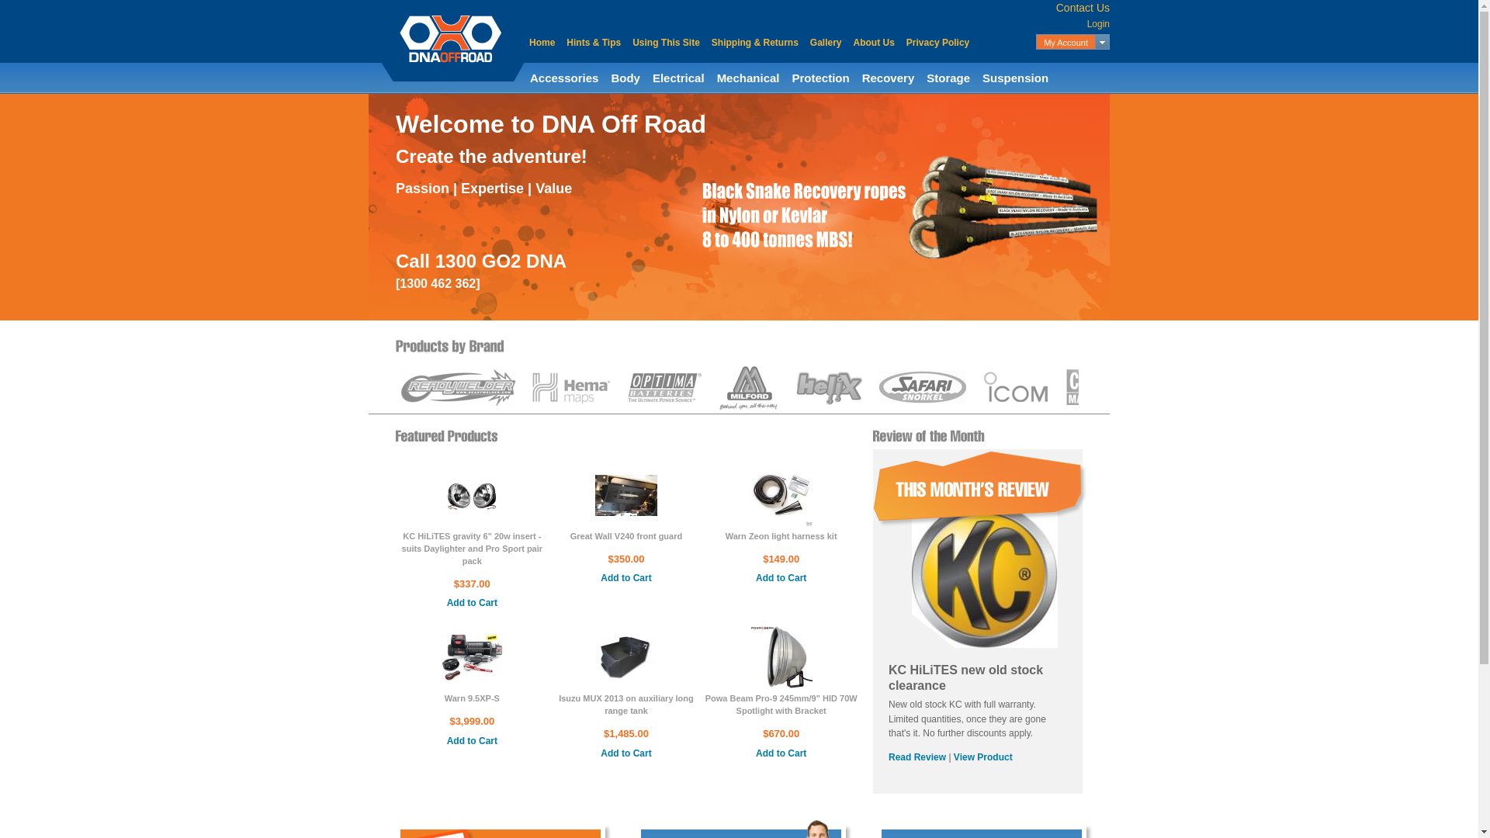 The width and height of the screenshot is (1490, 838). Describe the element at coordinates (937, 41) in the screenshot. I see `'Privacy Policy'` at that location.